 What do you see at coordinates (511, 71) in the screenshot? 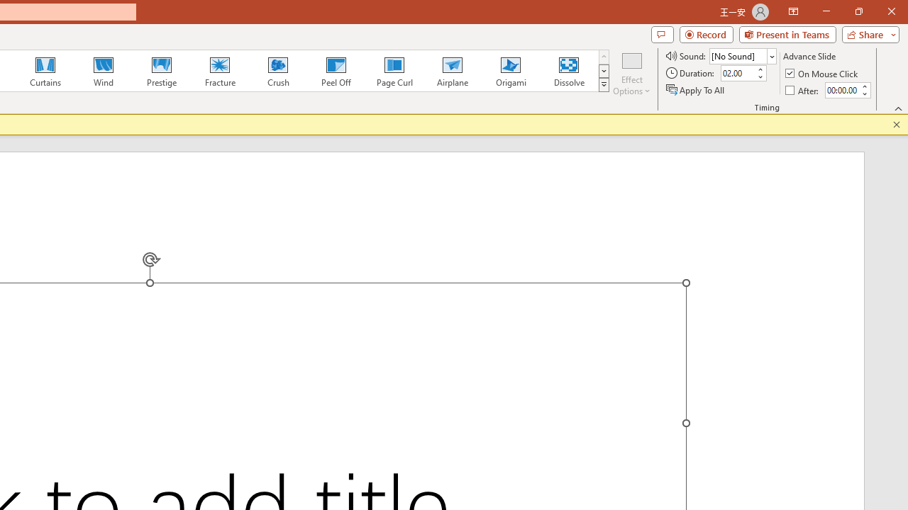
I see `'Origami'` at bounding box center [511, 71].